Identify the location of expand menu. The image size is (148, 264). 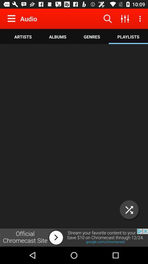
(13, 18).